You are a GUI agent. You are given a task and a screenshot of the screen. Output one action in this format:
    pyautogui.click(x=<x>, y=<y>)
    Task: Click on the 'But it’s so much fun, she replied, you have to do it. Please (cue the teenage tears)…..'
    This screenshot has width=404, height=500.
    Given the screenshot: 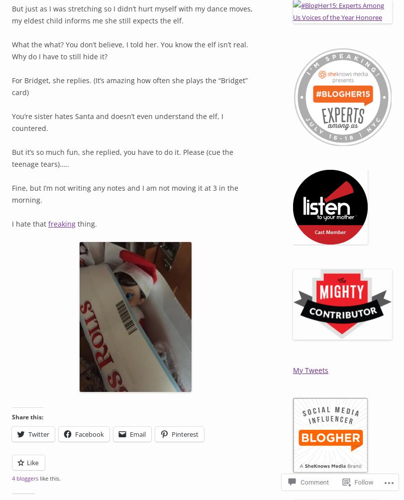 What is the action you would take?
    pyautogui.click(x=12, y=157)
    